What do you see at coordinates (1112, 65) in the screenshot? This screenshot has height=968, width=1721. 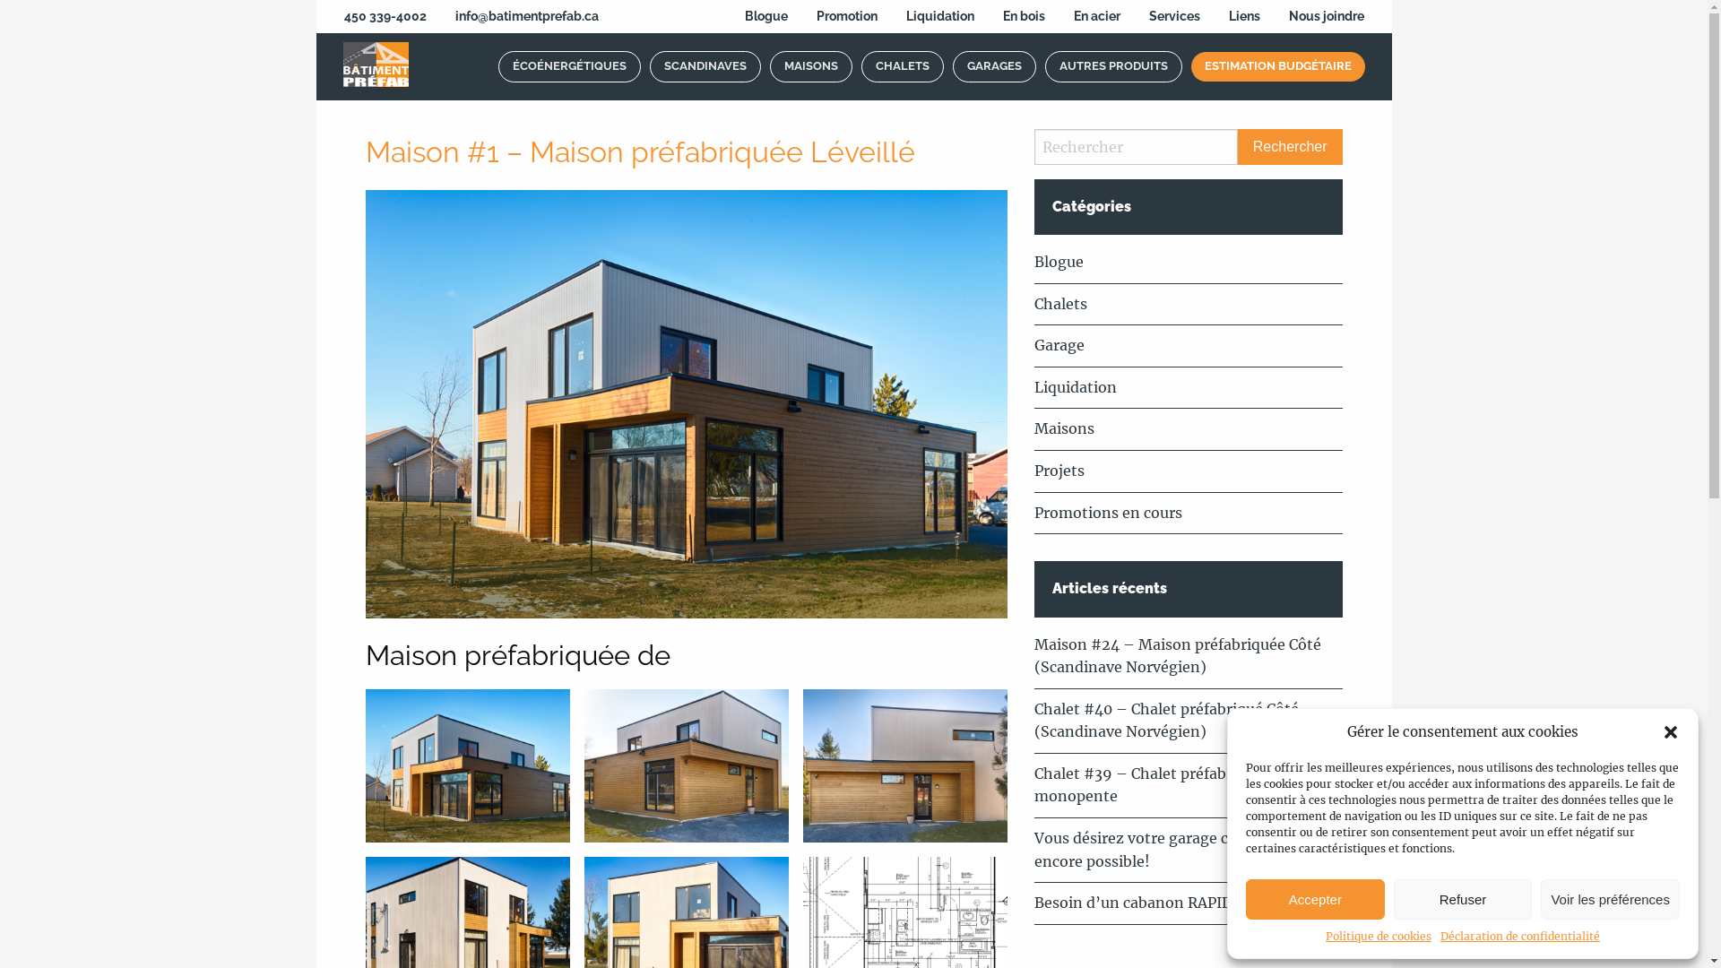 I see `'AUTRES PRODUITS'` at bounding box center [1112, 65].